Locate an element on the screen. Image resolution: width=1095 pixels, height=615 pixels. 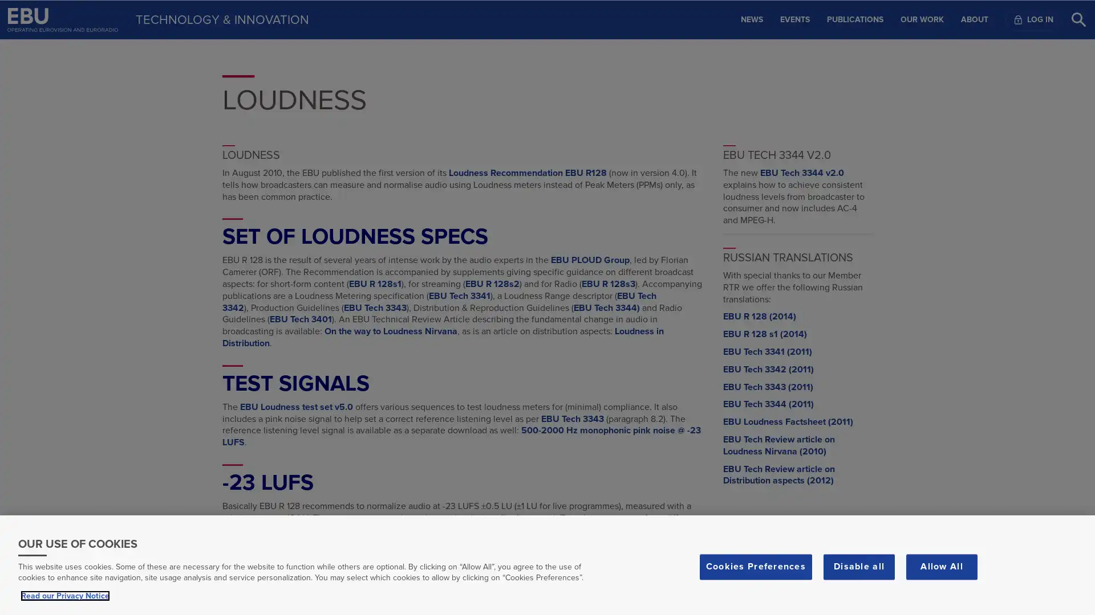
Search is located at coordinates (1078, 19).